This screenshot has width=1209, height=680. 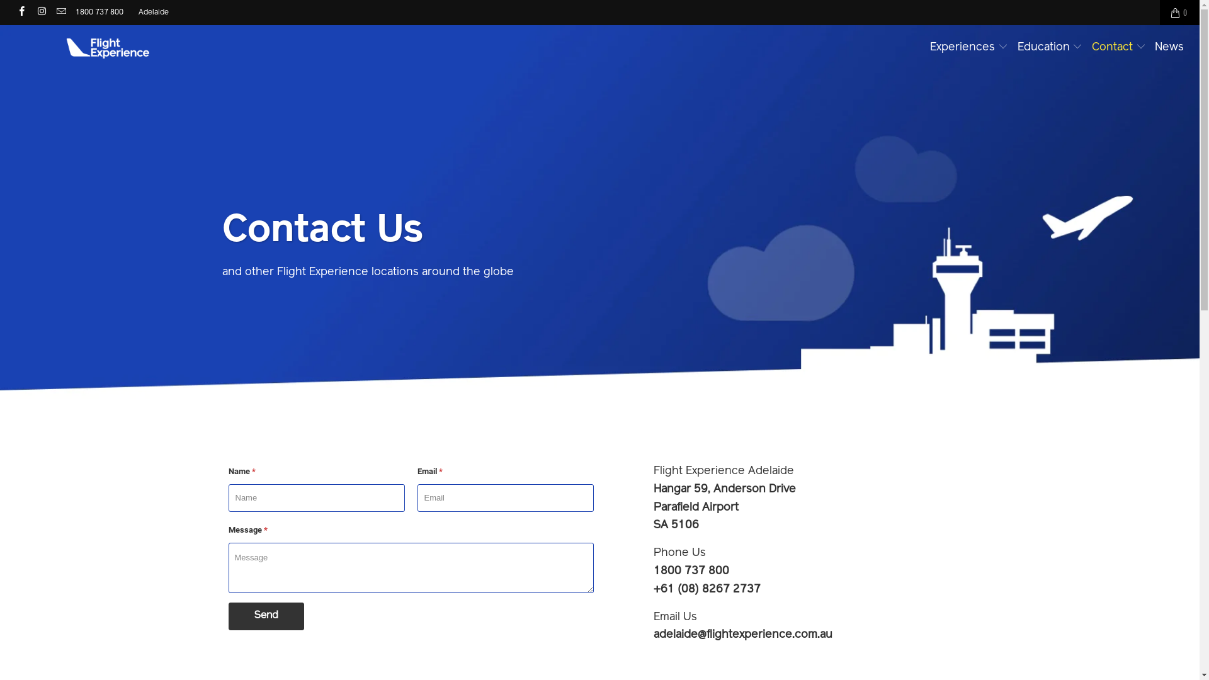 What do you see at coordinates (21, 12) in the screenshot?
I see `'Flight Experience Adelaide on Facebook'` at bounding box center [21, 12].